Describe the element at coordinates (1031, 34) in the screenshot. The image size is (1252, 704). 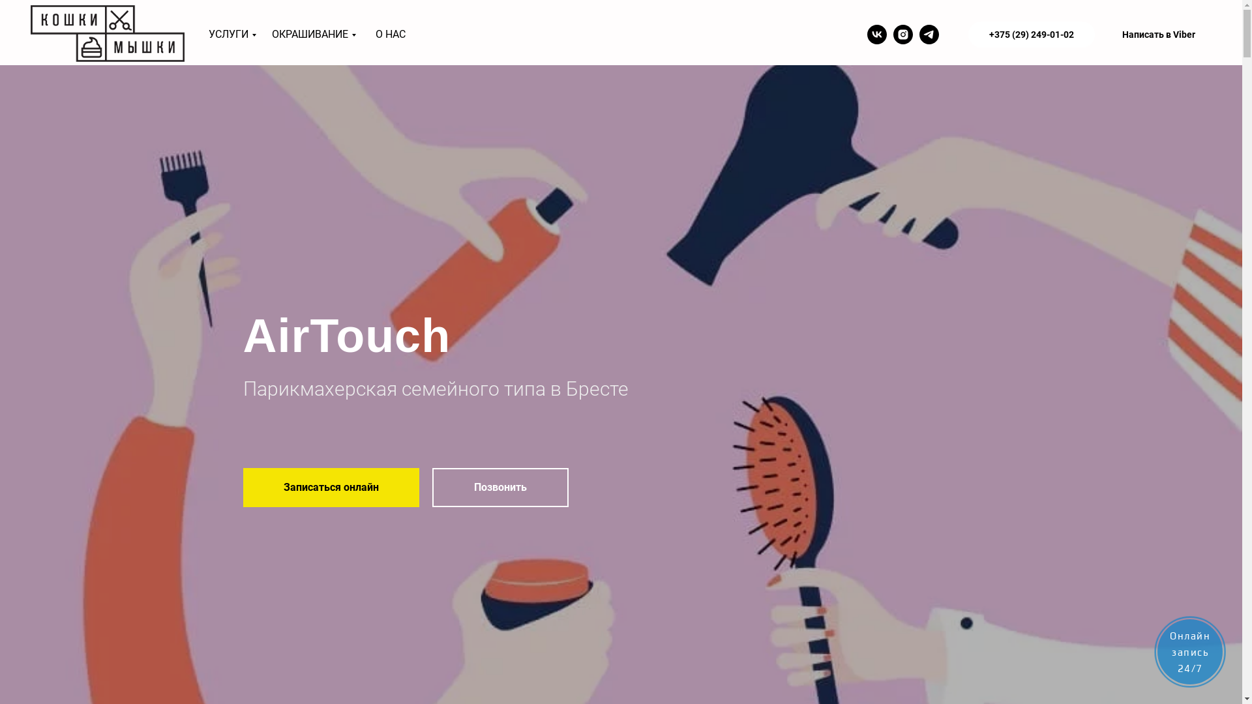
I see `'+375 (29) 249-01-02'` at that location.